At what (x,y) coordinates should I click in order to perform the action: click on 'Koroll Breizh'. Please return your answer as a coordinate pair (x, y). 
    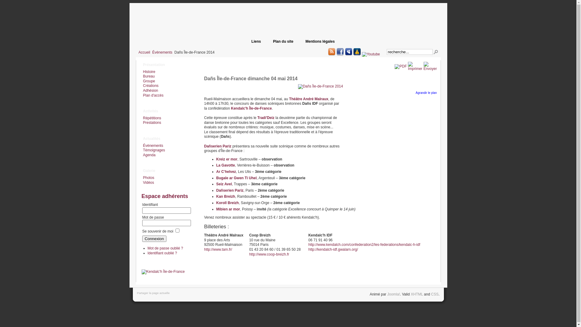
    Looking at the image, I should click on (216, 203).